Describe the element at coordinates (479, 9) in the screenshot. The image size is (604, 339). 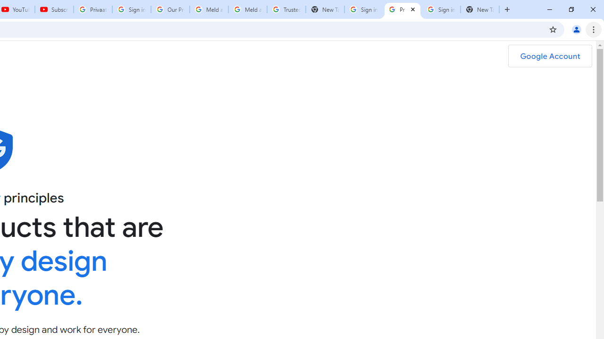
I see `'New Tab'` at that location.